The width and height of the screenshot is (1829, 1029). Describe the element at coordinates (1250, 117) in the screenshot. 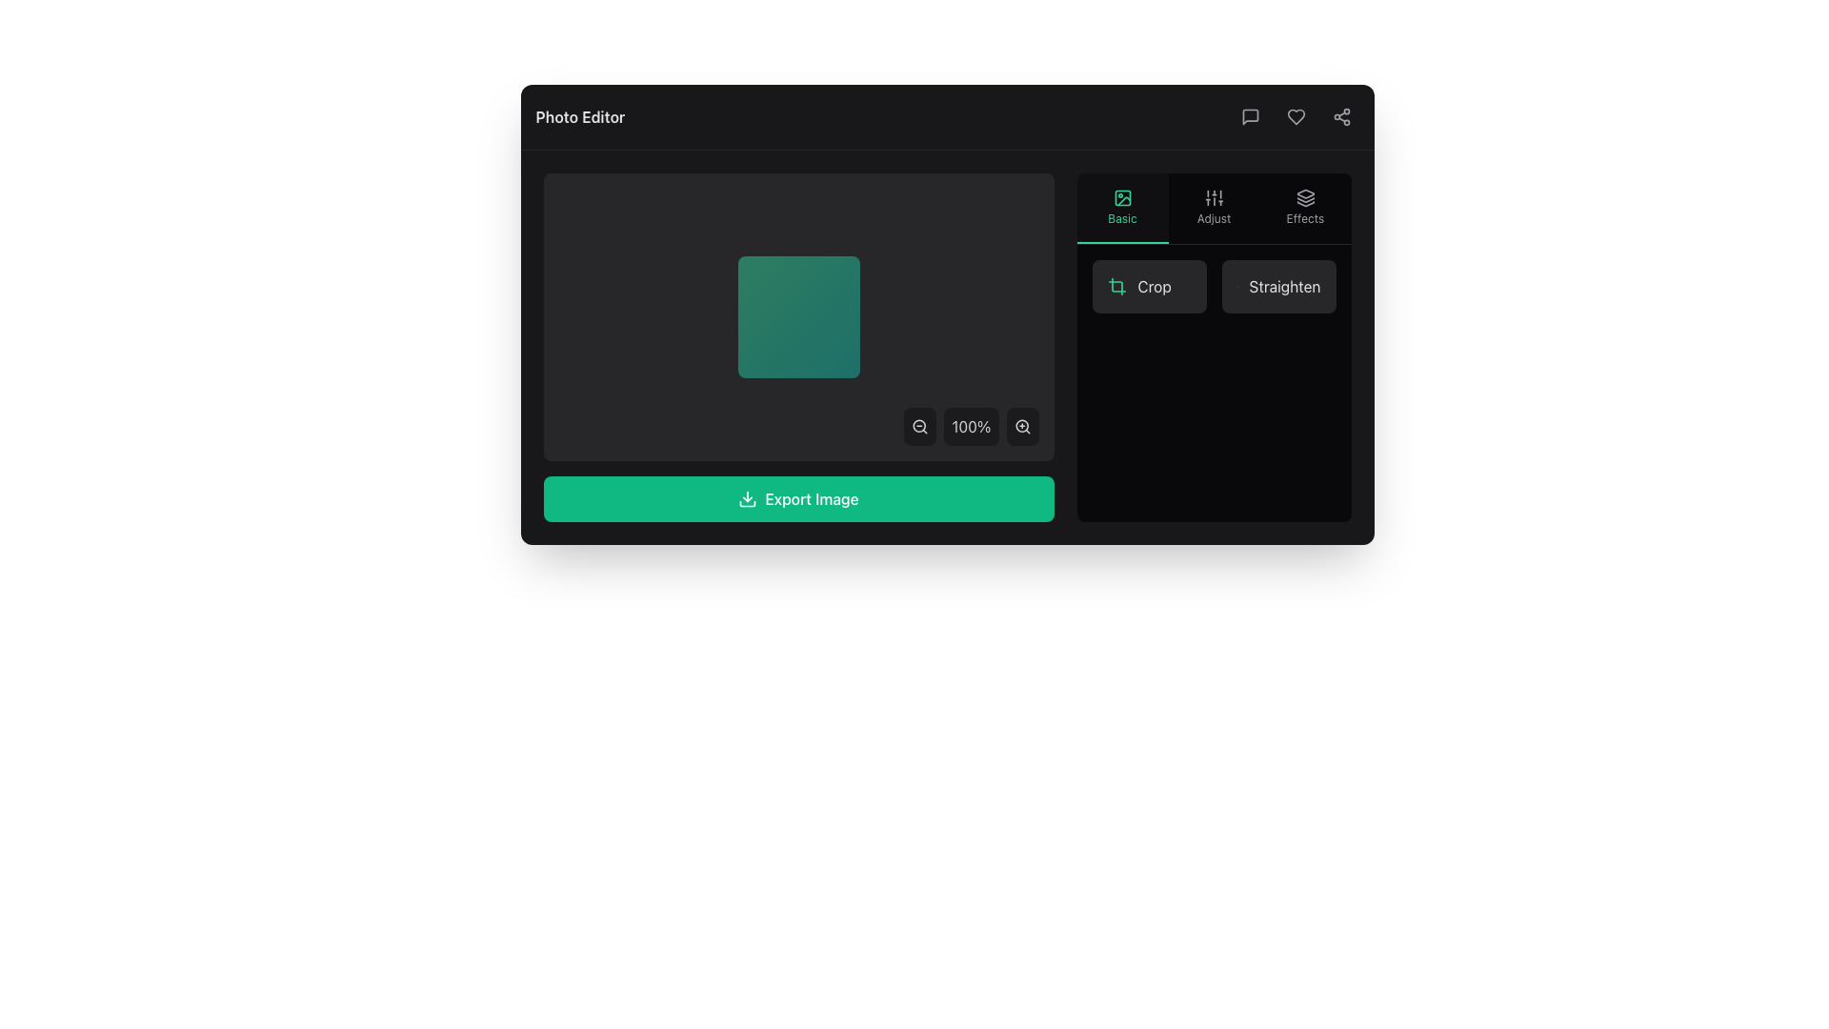

I see `the message indicator icon located in the top-right section of the application's header bar` at that location.